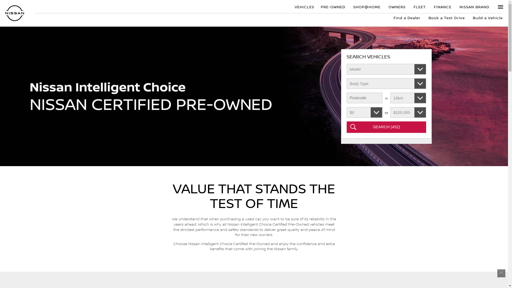 This screenshot has width=512, height=288. I want to click on 'OWNERS', so click(397, 6).